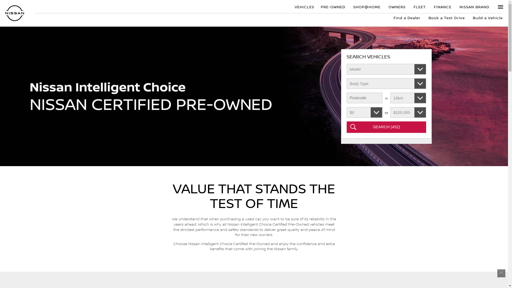 This screenshot has width=512, height=288. I want to click on 'OWNERS', so click(397, 6).